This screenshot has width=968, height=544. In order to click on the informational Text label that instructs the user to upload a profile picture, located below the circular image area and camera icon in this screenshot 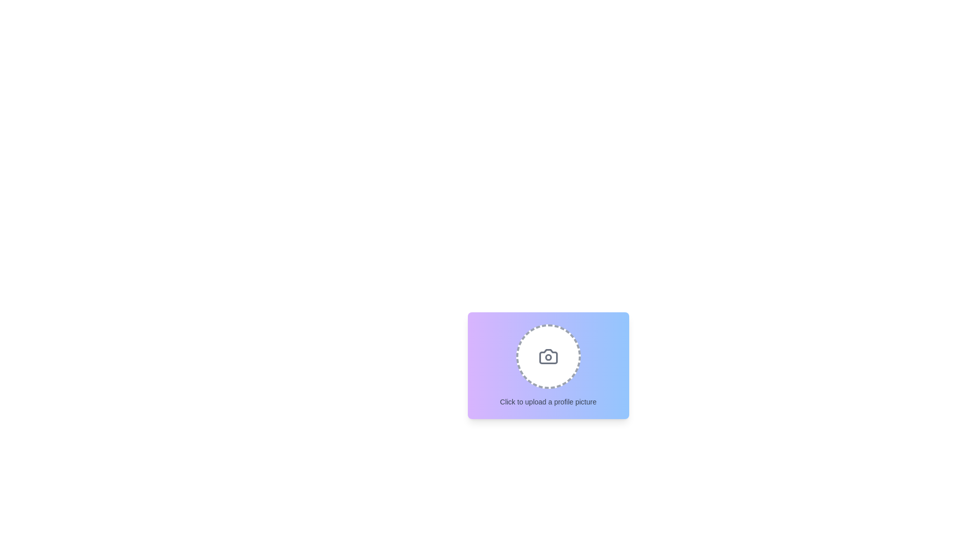, I will do `click(548, 401)`.